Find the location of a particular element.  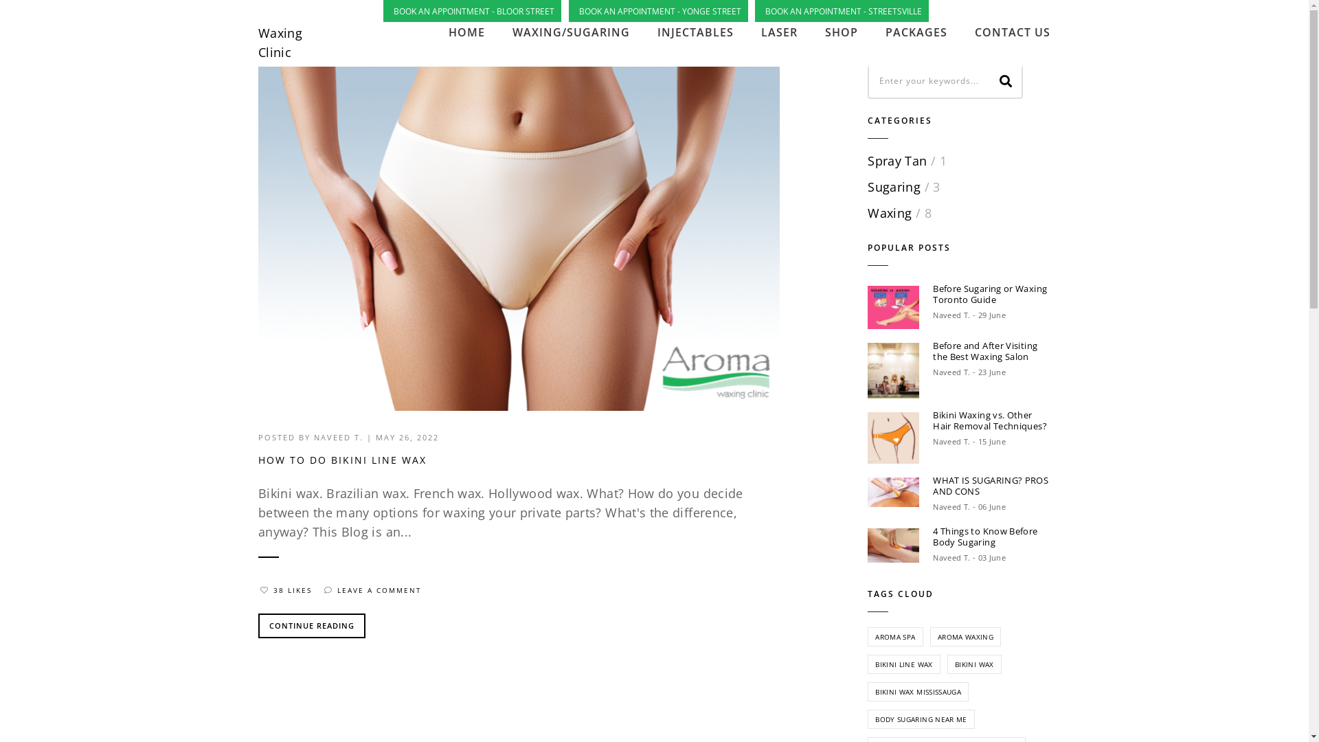

'BOOK AN APPOINTMENT YONGE STREET' is located at coordinates (571, 11).